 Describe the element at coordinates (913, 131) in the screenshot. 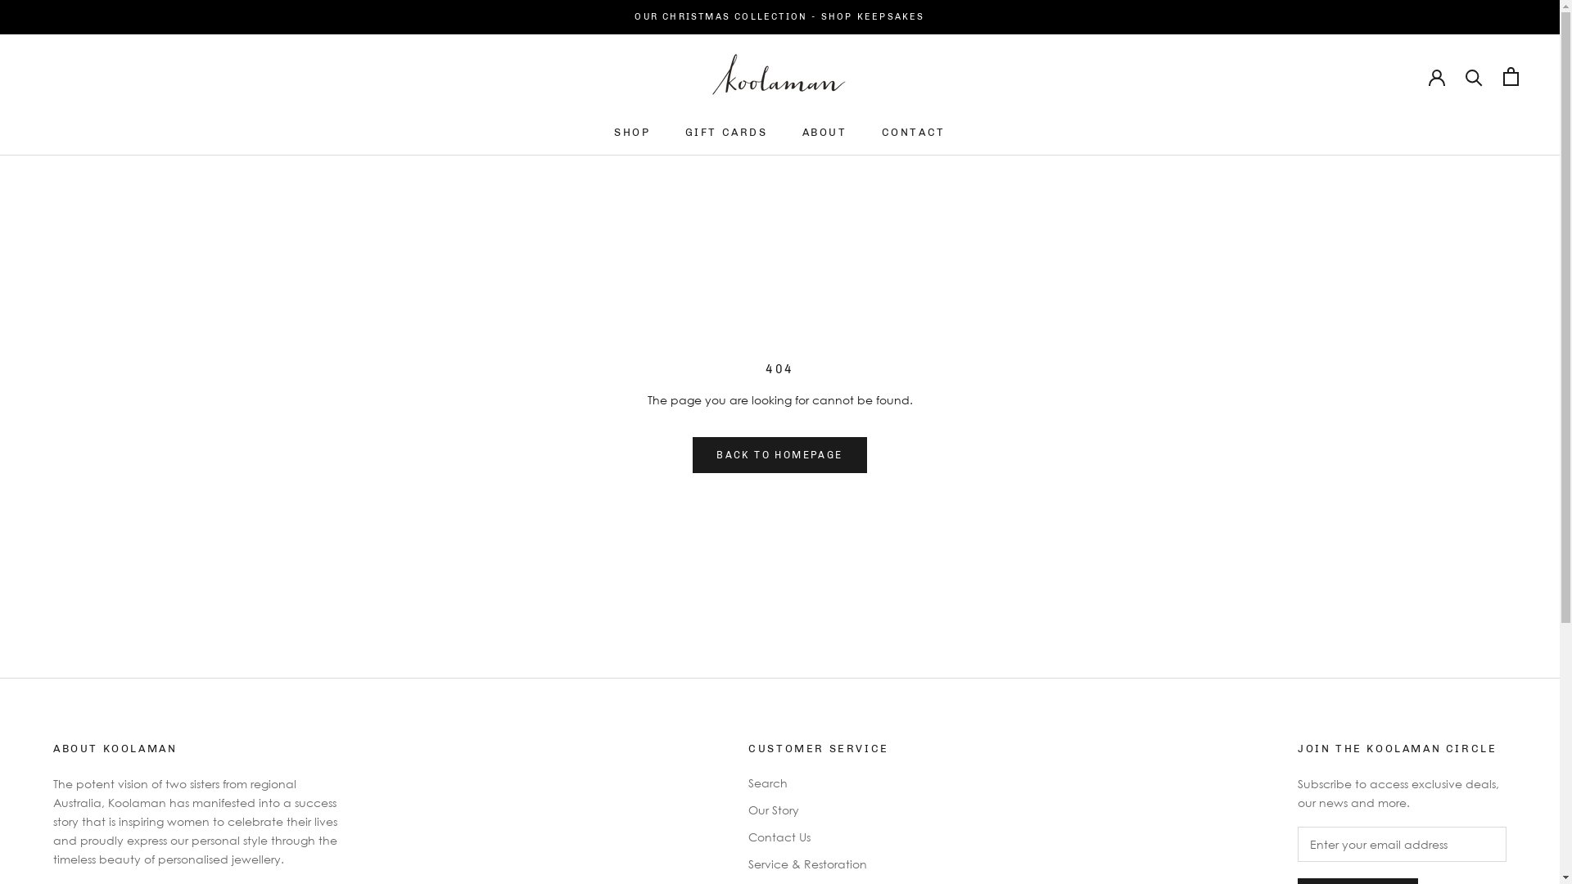

I see `'CONTACT` at that location.